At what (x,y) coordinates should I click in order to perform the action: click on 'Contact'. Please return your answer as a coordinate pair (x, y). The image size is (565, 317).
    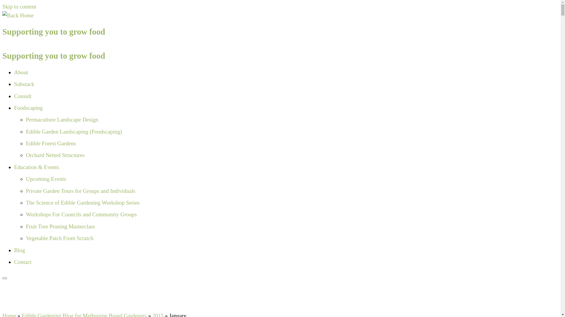
    Looking at the image, I should click on (14, 262).